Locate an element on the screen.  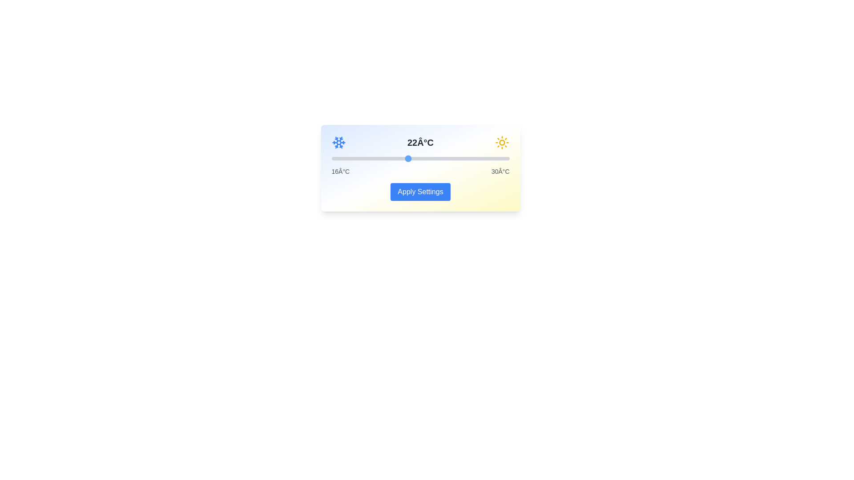
the temperature slider to 21 degrees Celsius is located at coordinates (395, 158).